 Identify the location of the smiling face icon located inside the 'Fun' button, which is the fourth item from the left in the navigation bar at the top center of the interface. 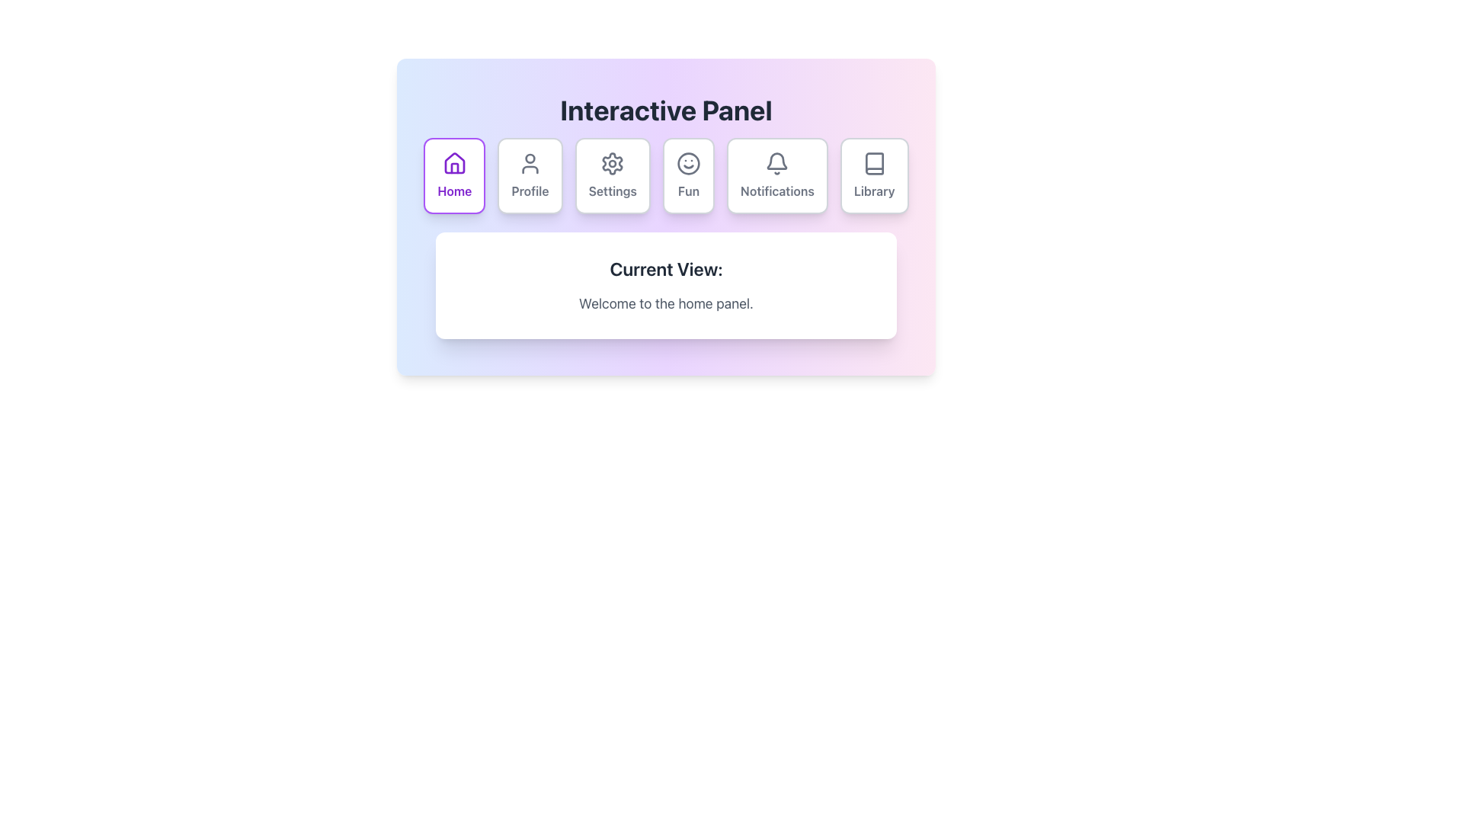
(687, 164).